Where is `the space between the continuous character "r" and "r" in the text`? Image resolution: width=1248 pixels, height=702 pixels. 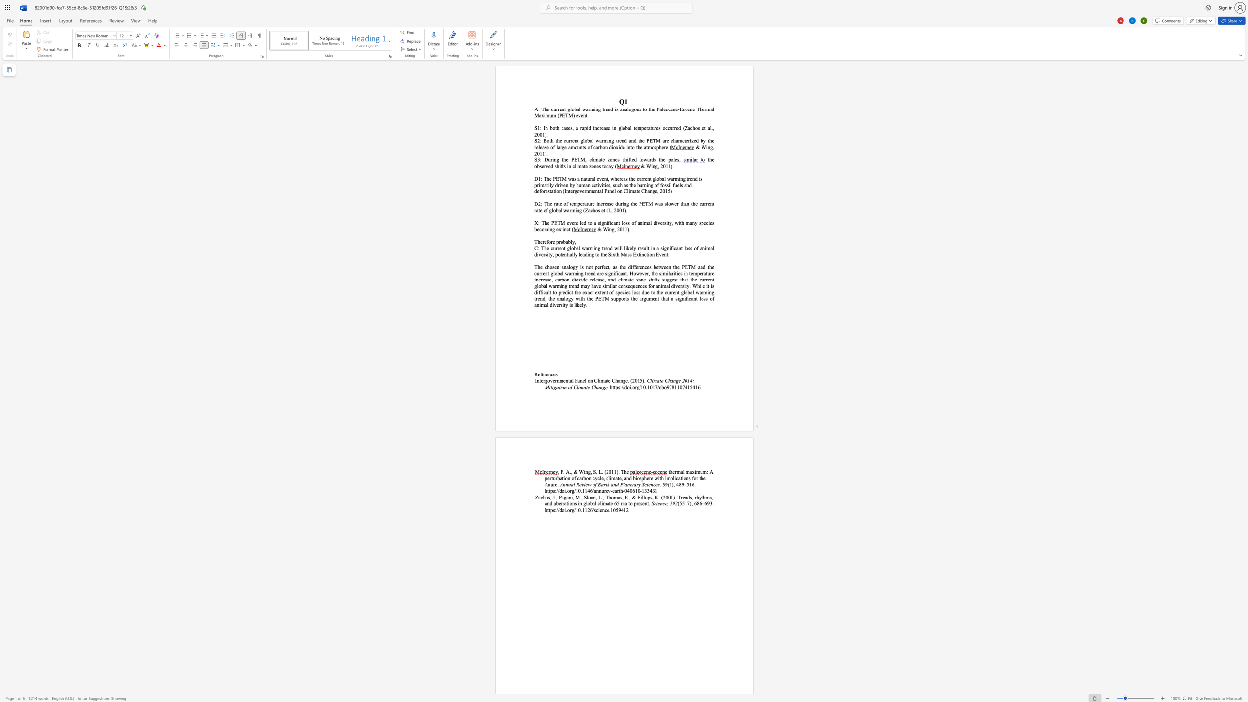 the space between the continuous character "r" and "r" in the text is located at coordinates (557, 109).